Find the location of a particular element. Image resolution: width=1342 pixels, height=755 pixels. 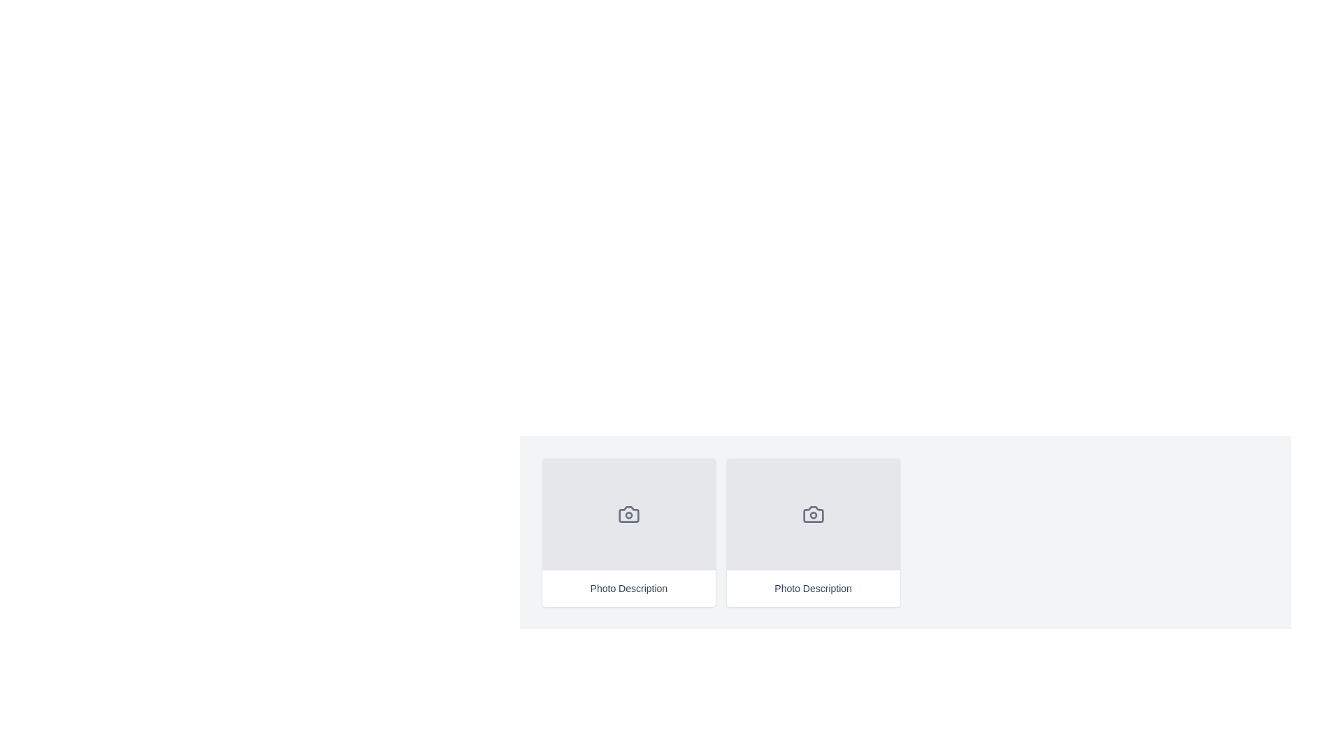

the camera icon located in the first card from the left, which represents a photo-related action in the user interface is located at coordinates (628, 515).